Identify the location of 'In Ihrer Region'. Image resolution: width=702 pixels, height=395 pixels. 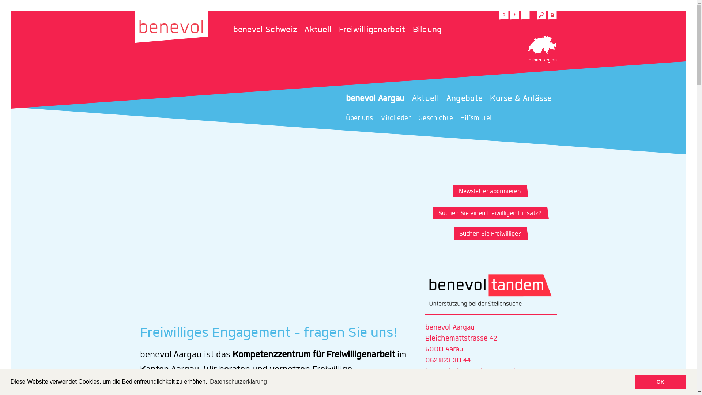
(542, 50).